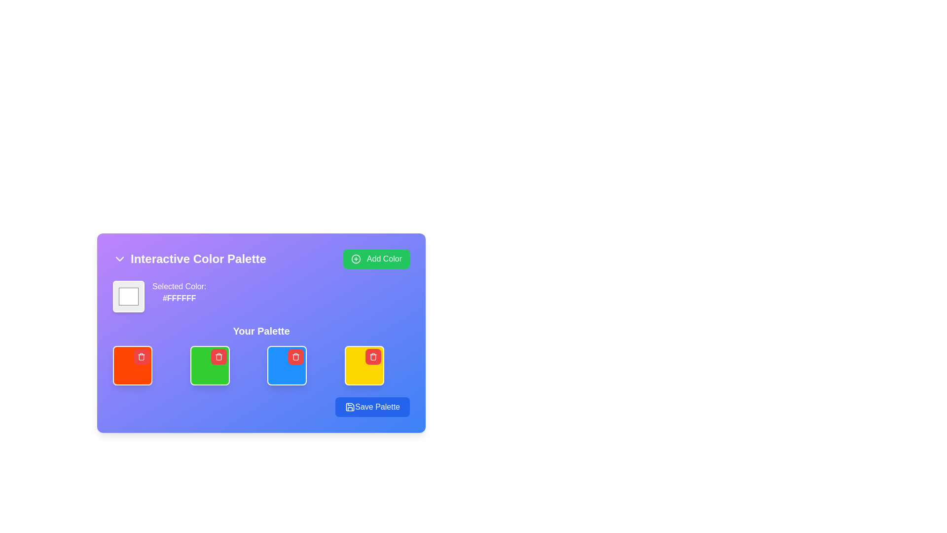 The image size is (947, 533). I want to click on the static text label that provides a descriptive caption for the color information in the 'Interactive Color Palette' section, which is positioned above the color code text element, so click(179, 287).